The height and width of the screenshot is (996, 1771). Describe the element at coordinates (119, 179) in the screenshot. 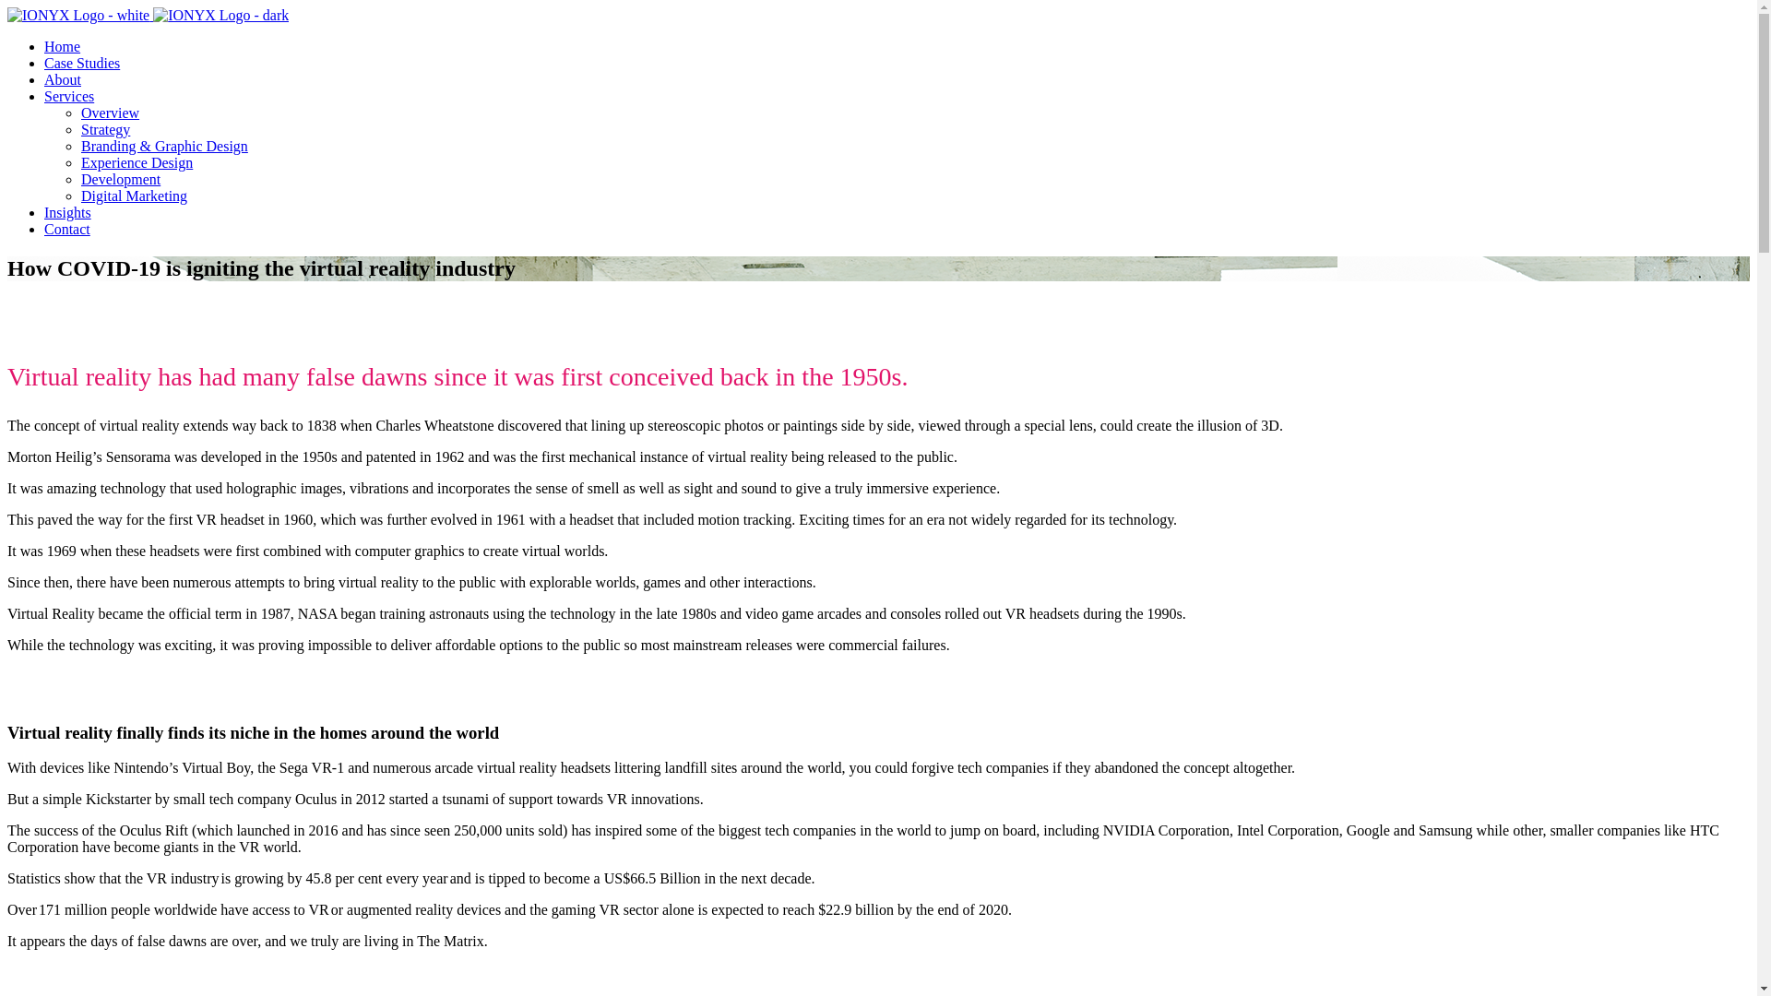

I see `'Development'` at that location.